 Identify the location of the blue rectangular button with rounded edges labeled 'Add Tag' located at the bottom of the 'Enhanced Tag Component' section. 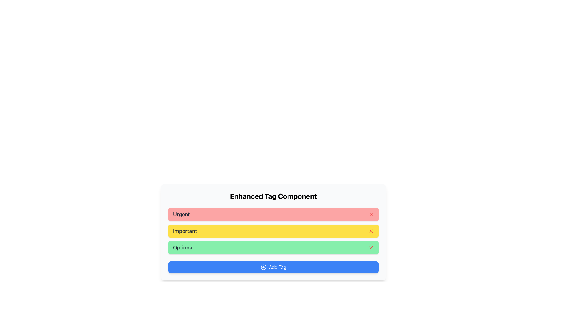
(273, 267).